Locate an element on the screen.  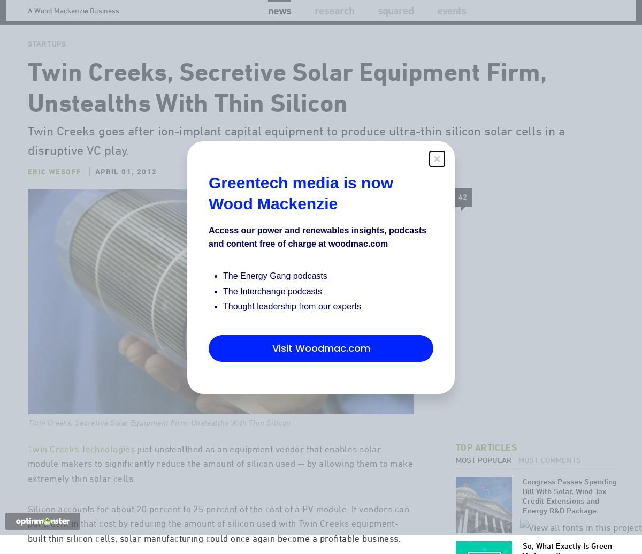
'April 01, 2012' is located at coordinates (125, 216).